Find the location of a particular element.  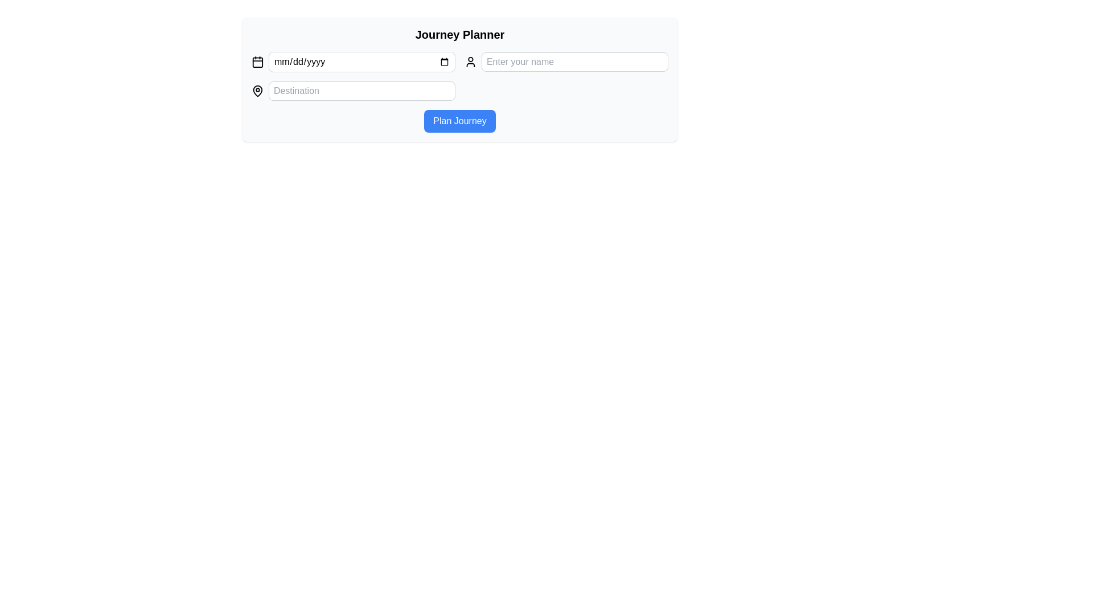

the location indicator icon, which is the first item in the horizontal layout containing the 'Destination' input placeholder is located at coordinates (257, 90).